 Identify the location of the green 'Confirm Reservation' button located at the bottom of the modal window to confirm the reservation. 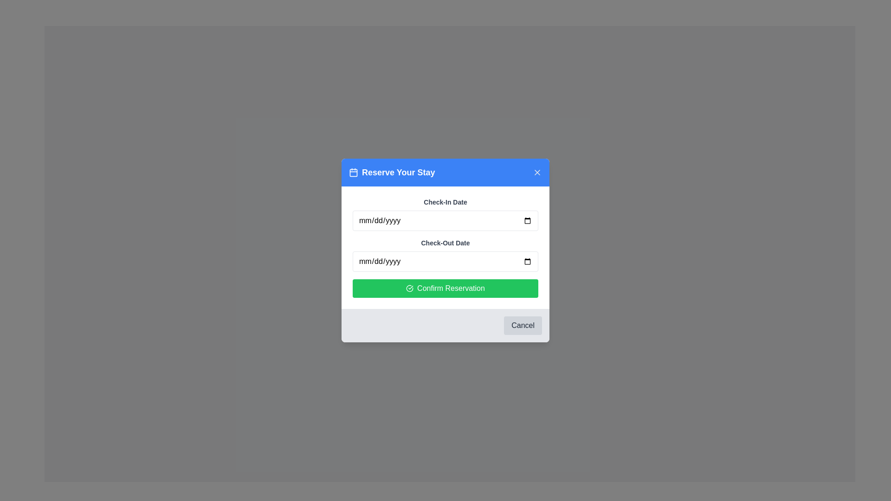
(445, 288).